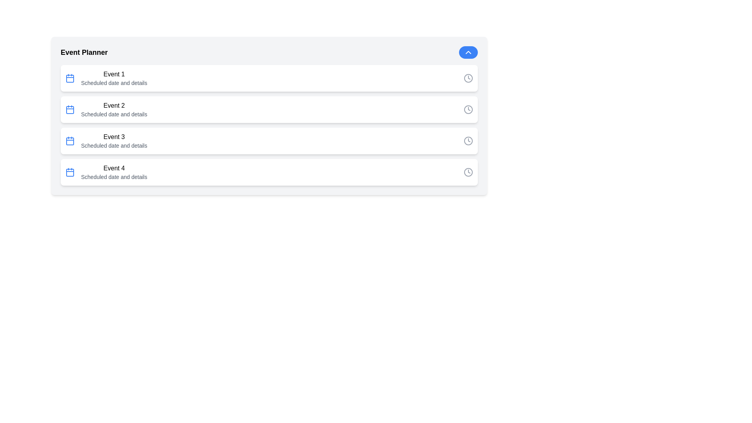 The width and height of the screenshot is (752, 423). What do you see at coordinates (70, 140) in the screenshot?
I see `the calendar icon indicating date-related information for 'Event 3'` at bounding box center [70, 140].